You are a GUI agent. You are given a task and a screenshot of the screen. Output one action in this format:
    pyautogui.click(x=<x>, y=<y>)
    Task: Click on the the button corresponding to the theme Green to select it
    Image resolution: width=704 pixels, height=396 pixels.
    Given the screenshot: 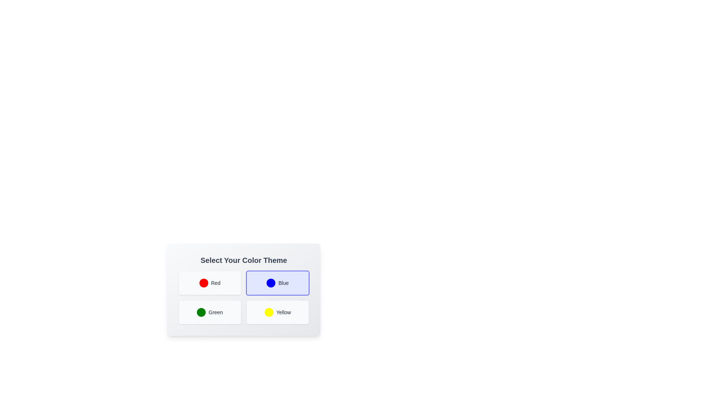 What is the action you would take?
    pyautogui.click(x=209, y=312)
    